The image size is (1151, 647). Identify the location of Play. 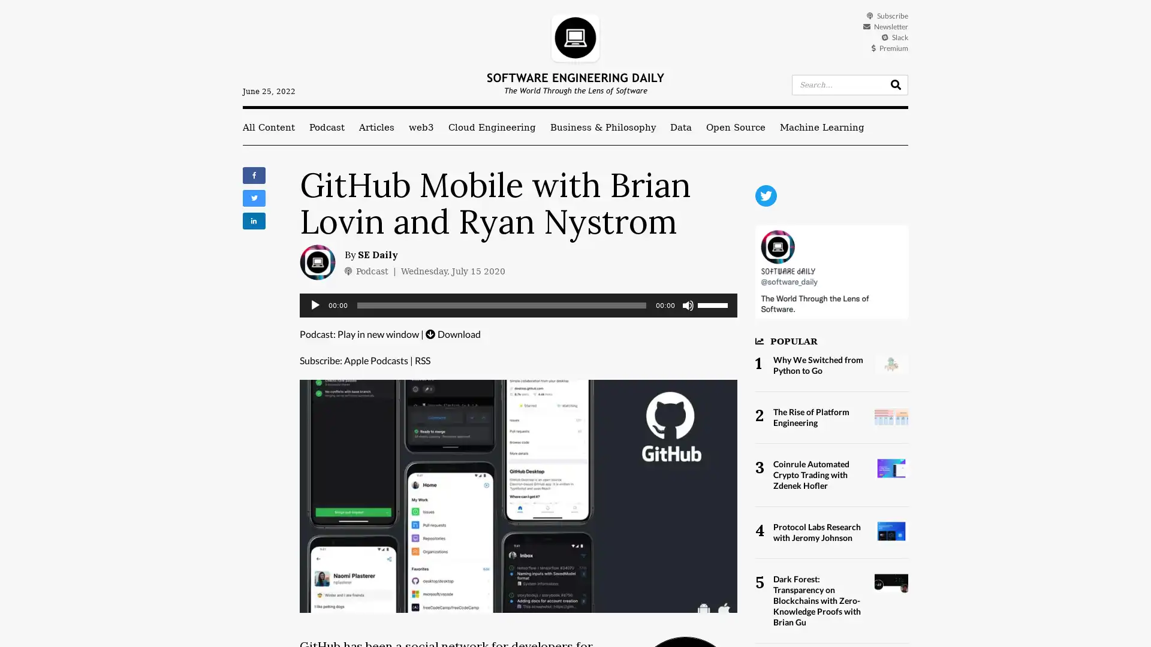
(314, 304).